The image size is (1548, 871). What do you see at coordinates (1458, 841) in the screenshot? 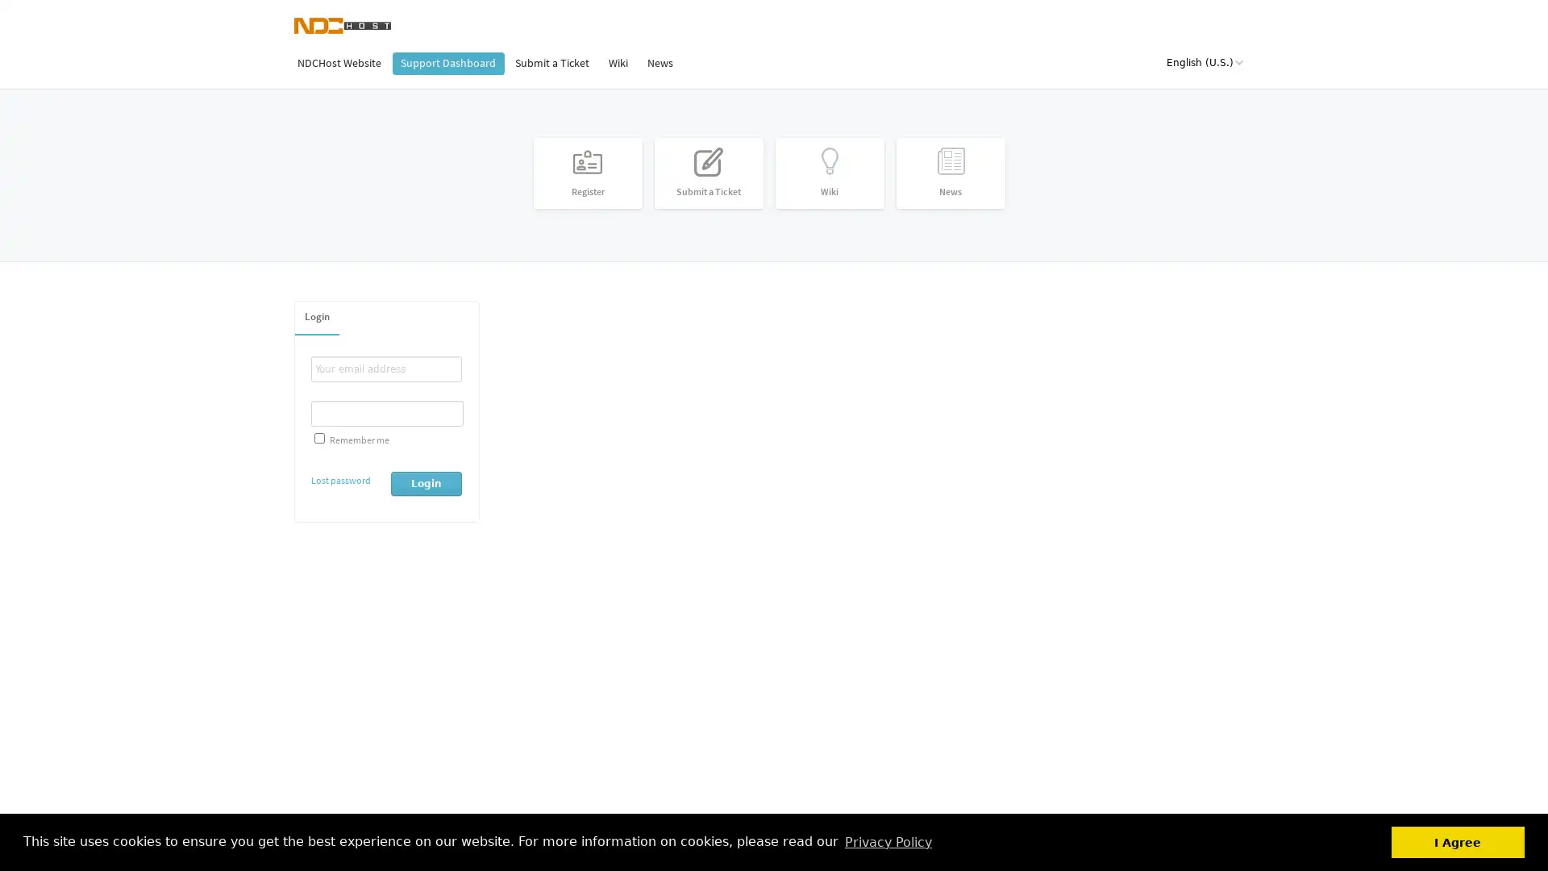
I see `dismiss cookie message` at bounding box center [1458, 841].